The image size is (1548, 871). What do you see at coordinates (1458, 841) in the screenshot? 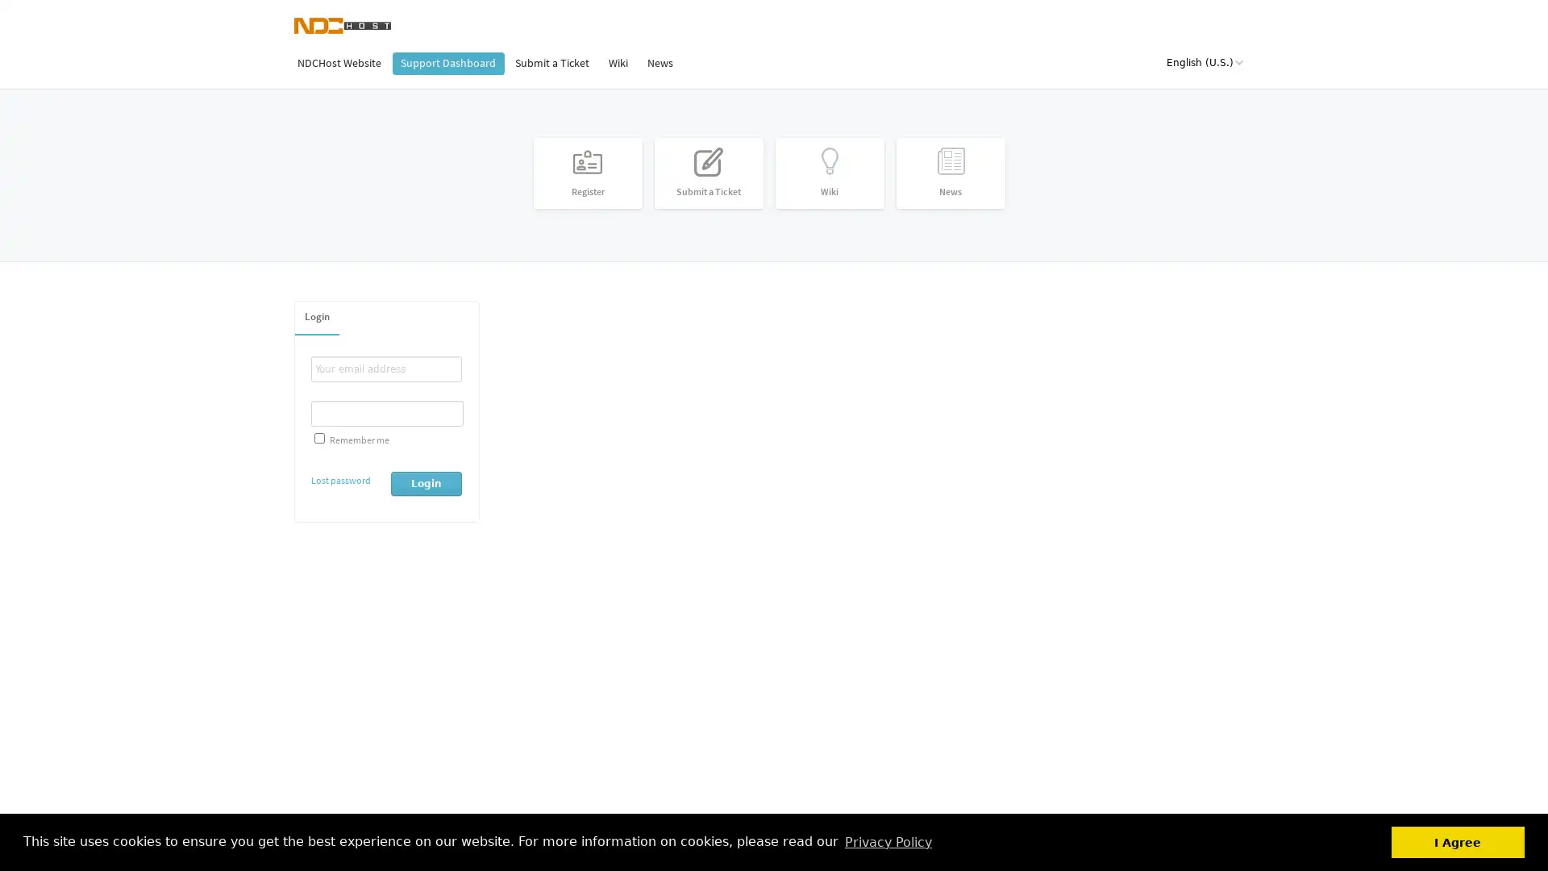
I see `dismiss cookie message` at bounding box center [1458, 841].